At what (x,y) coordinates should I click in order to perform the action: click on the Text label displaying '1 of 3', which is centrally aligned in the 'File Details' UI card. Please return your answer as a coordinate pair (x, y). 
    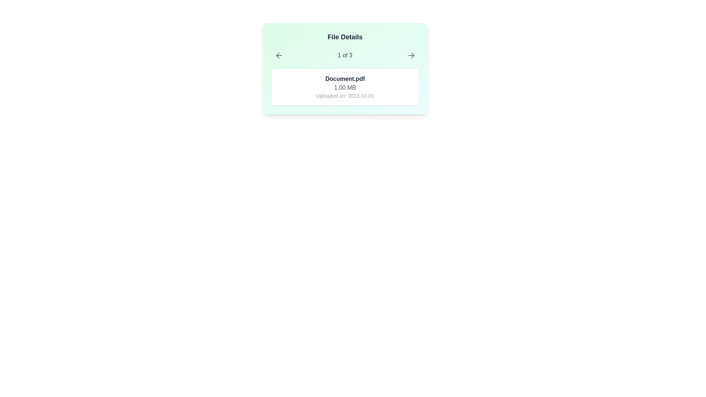
    Looking at the image, I should click on (345, 55).